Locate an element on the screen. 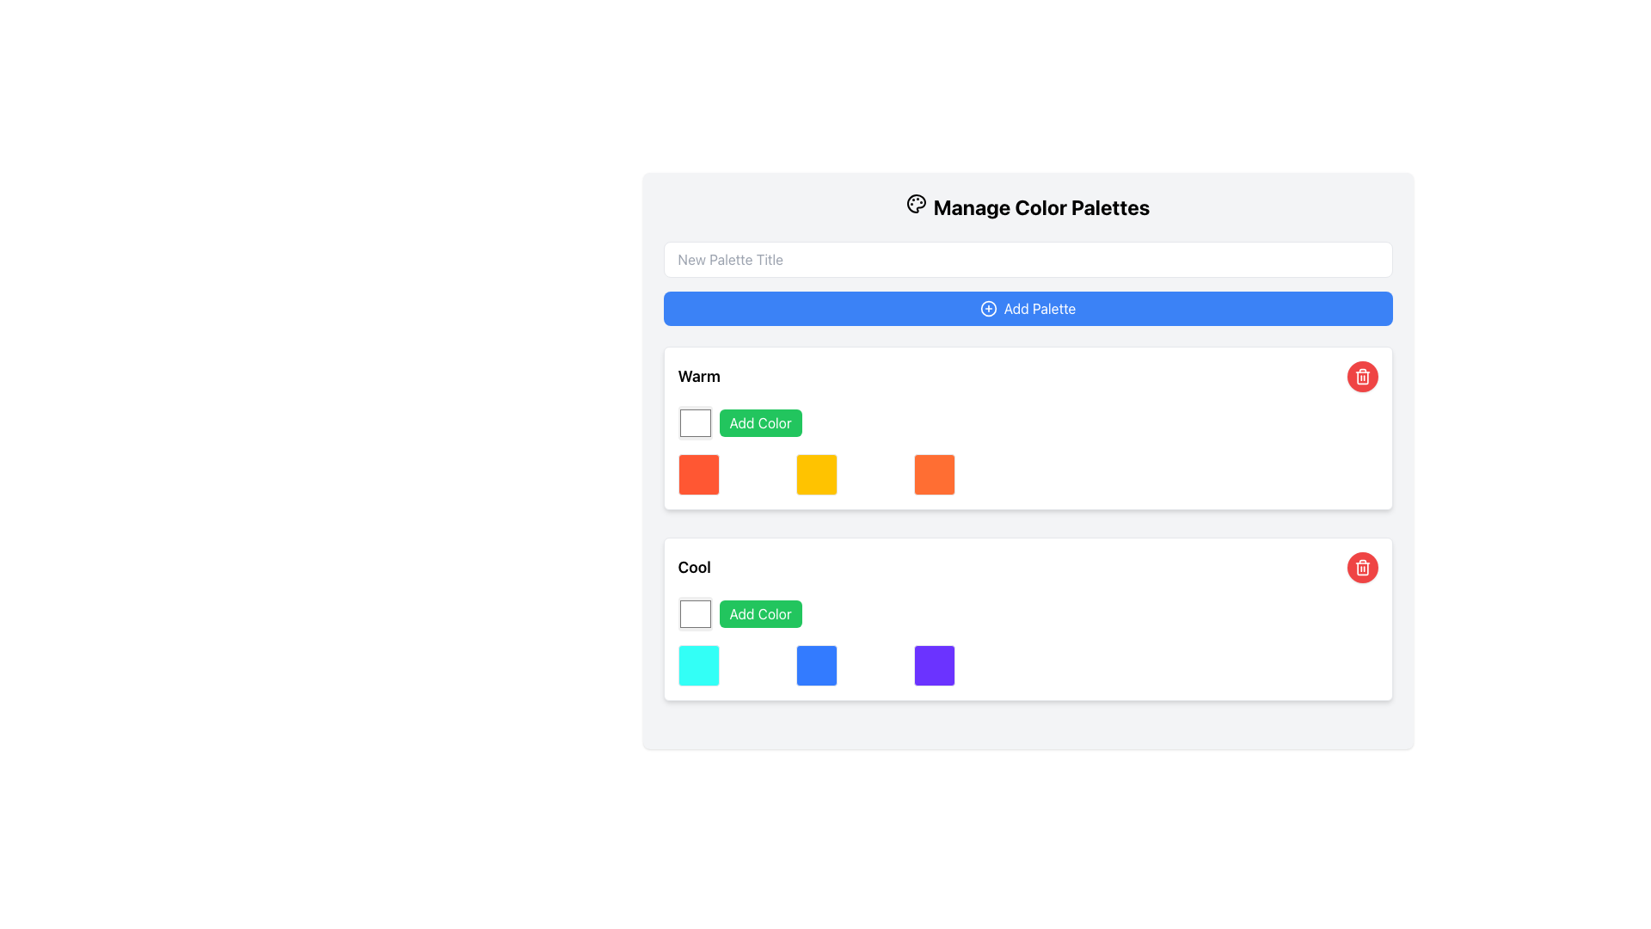  the delete button for the 'Warm' color palette located in the top-right corner of the palette section is located at coordinates (1361, 376).